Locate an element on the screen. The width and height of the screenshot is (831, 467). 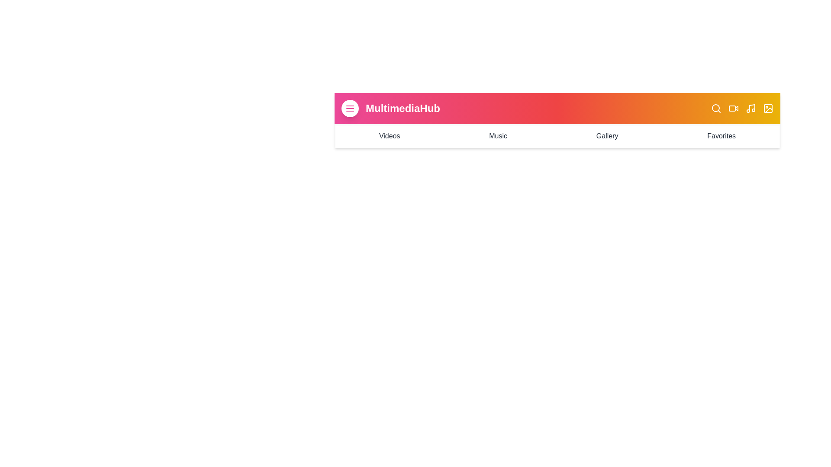
the navigation link labeled 'Videos' to navigate to the respective section is located at coordinates (389, 136).